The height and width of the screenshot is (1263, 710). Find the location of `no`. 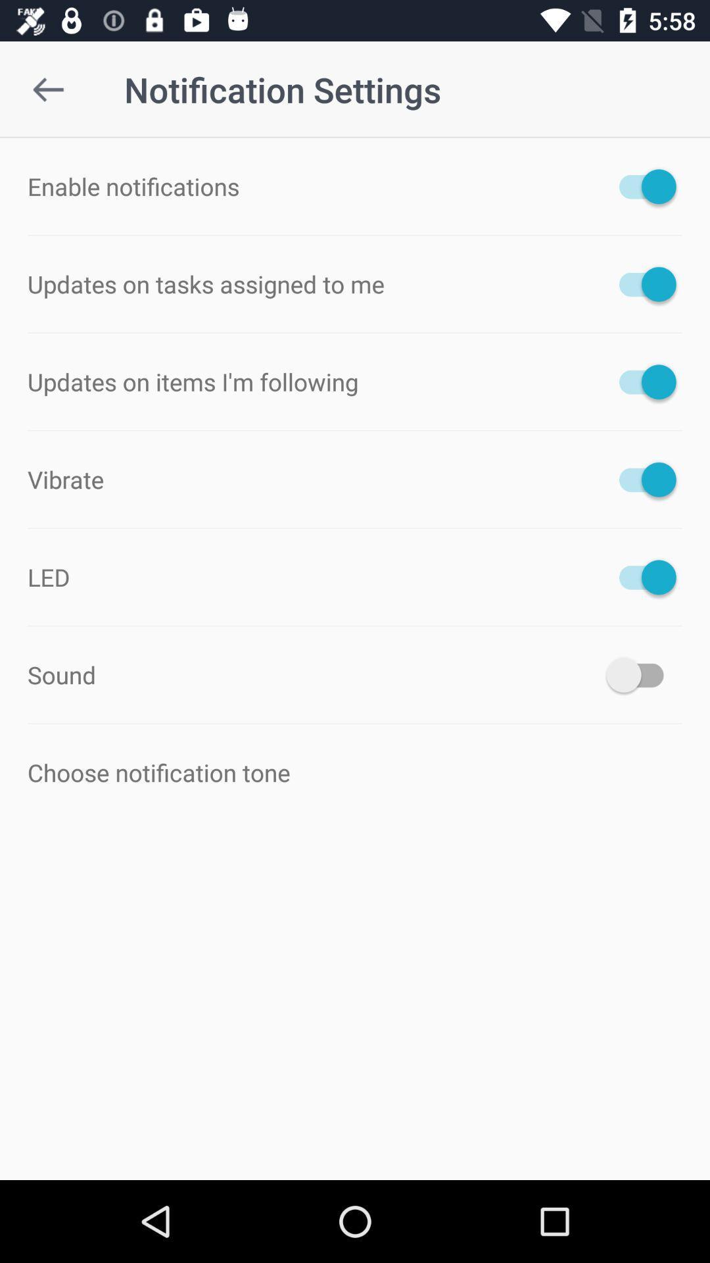

no is located at coordinates (640, 284).